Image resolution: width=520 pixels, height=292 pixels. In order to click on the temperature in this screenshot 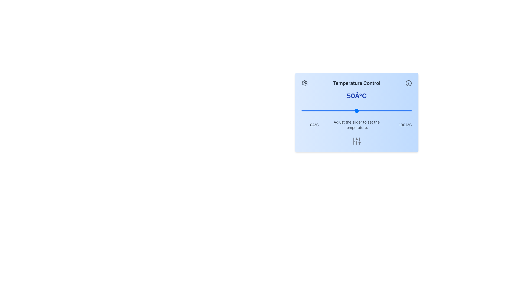, I will do `click(332, 110)`.